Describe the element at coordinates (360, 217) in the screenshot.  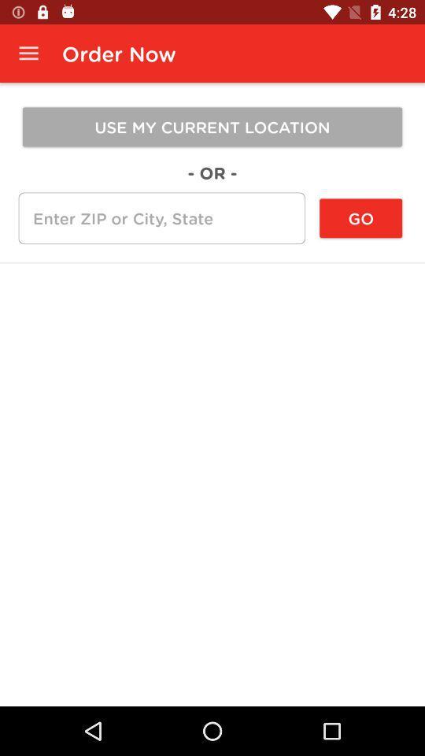
I see `the icon below the use my current icon` at that location.